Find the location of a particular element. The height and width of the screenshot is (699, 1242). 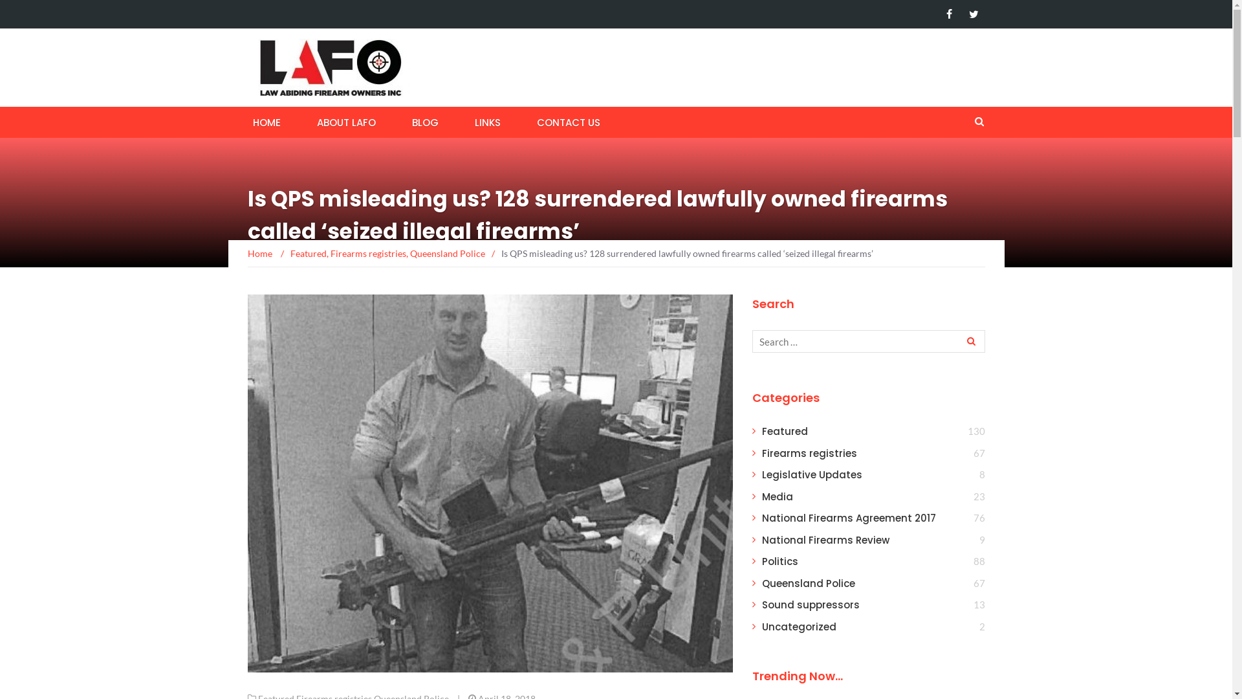

'Queensland Police' is located at coordinates (409, 253).